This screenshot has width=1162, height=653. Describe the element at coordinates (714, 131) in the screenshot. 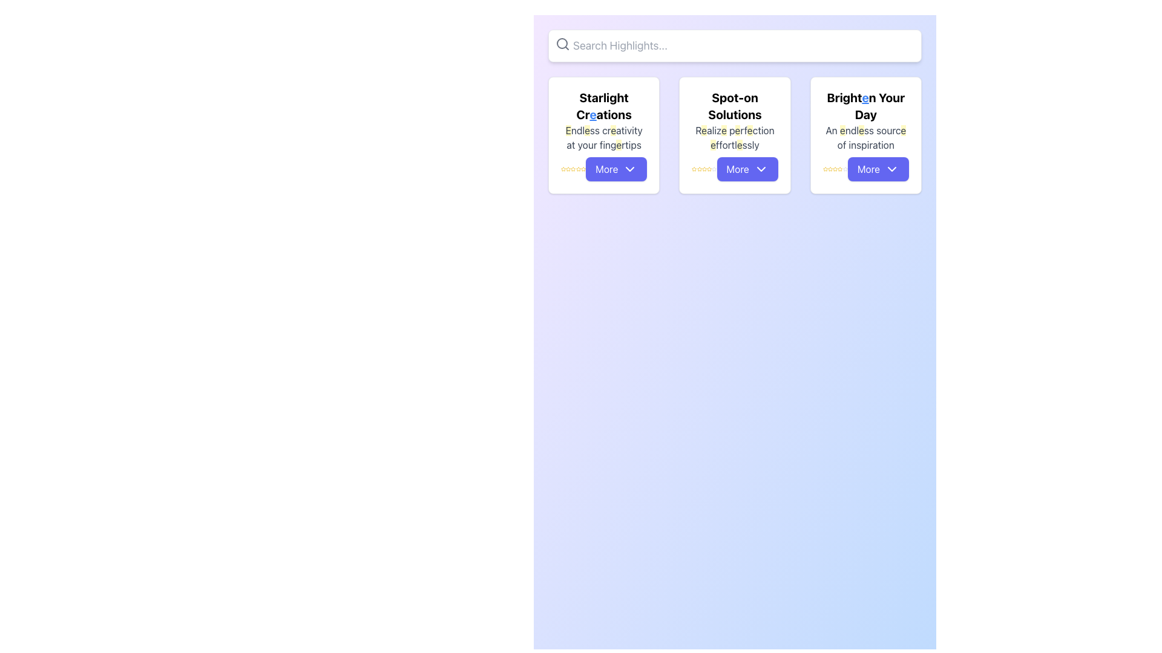

I see `the text fragment 'aliz' in the phrase 'Realize perfection effortlessly' located within the second card under the heading 'Spot-on Solutions'` at that location.